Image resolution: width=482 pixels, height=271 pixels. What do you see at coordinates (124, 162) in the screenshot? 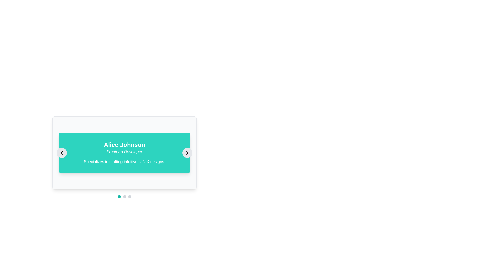
I see `the text label that reads 'Specializes in crafting intuitive UI/UX designs.' which is the bottom-most block within a teal card` at bounding box center [124, 162].